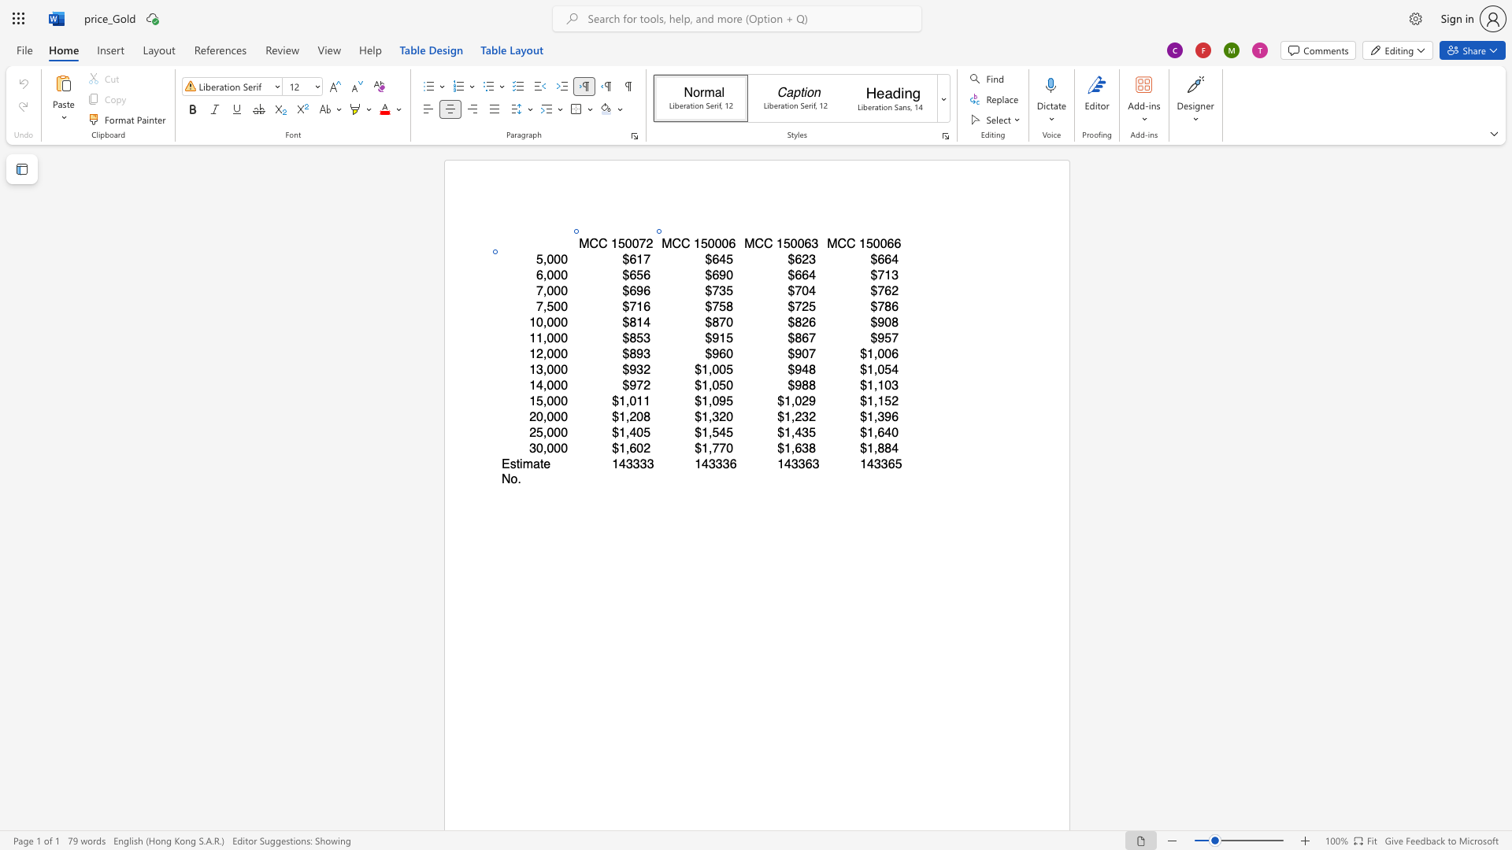 The height and width of the screenshot is (850, 1512). I want to click on the 1th character "M" in the text, so click(666, 243).